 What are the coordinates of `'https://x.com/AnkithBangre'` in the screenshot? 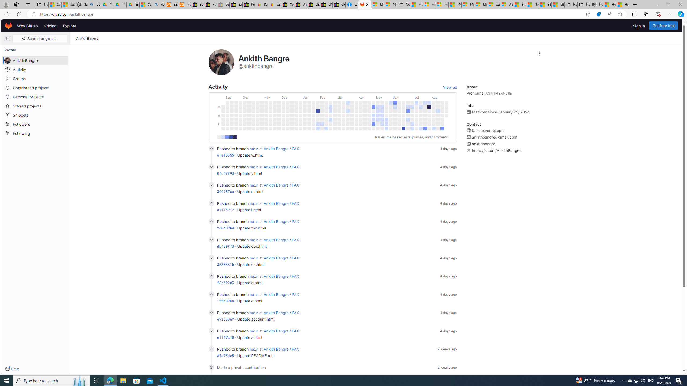 It's located at (496, 151).